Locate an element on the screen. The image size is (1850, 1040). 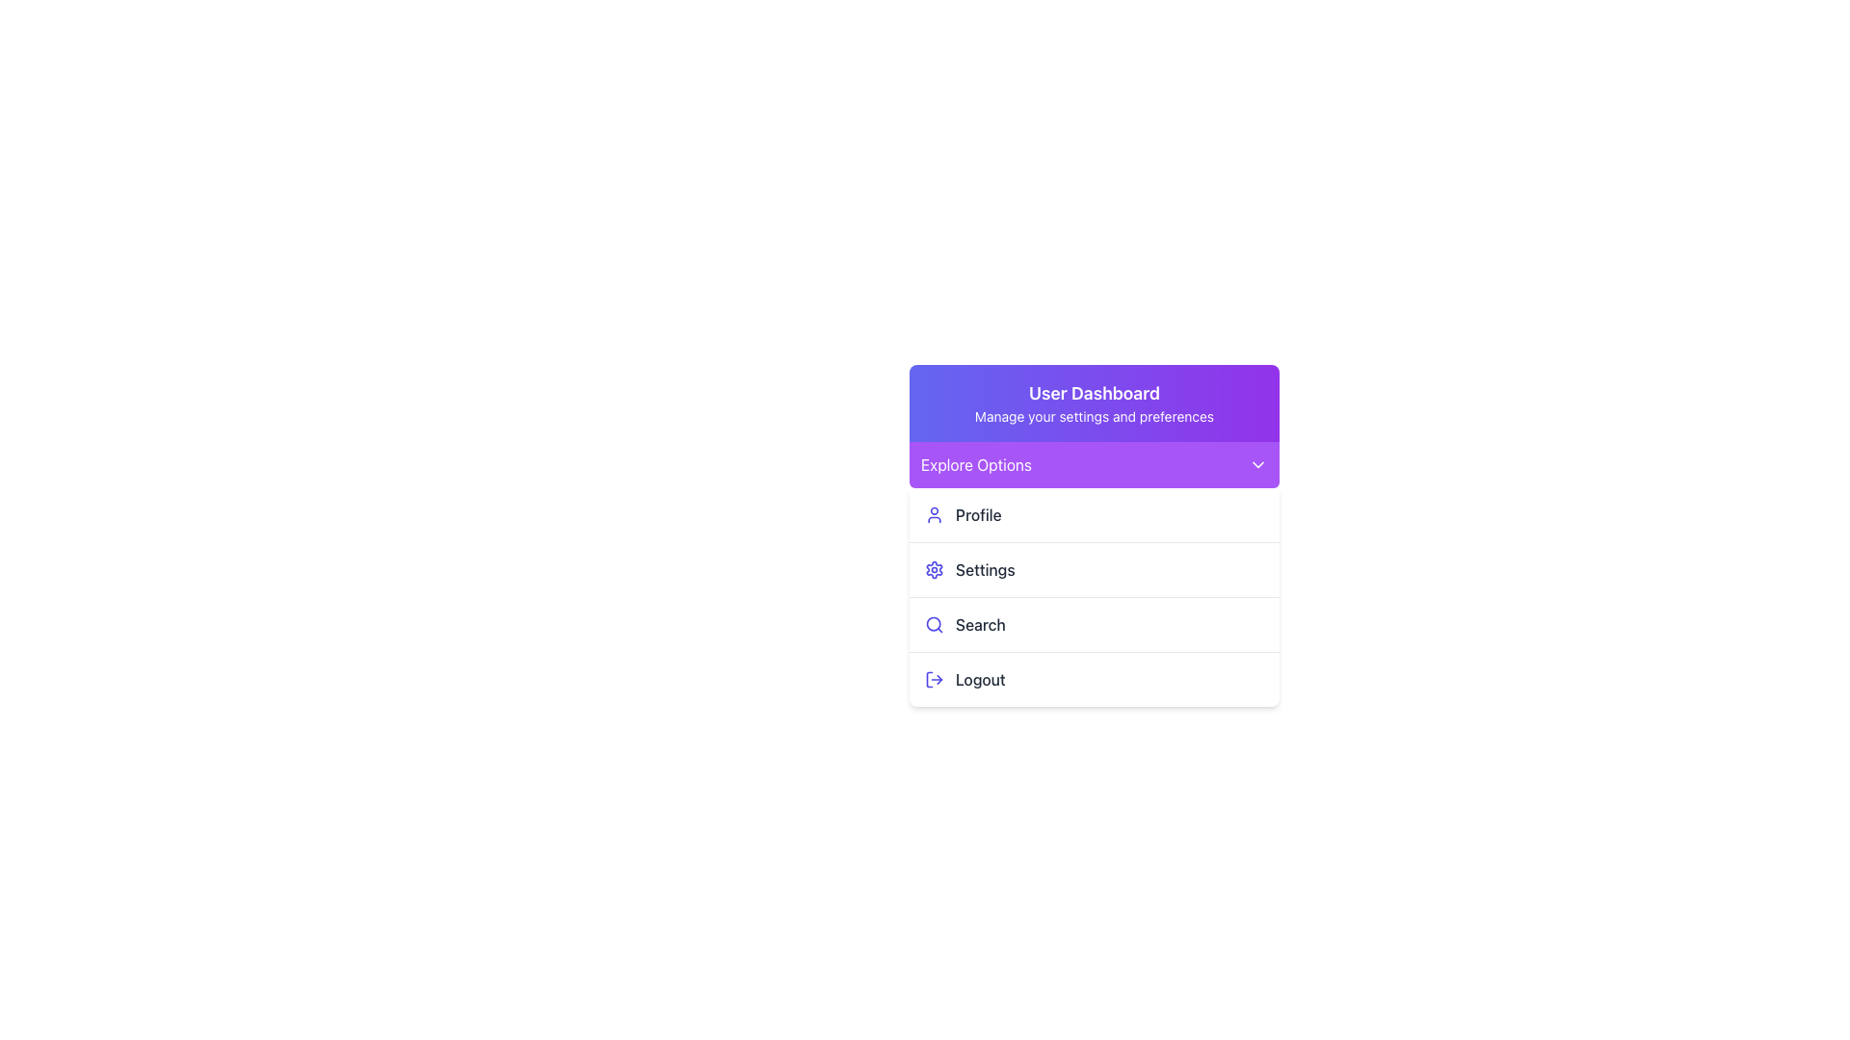
the chevron icon on the right side of the 'Explore Options' button in the purple header section of the User Dashboard is located at coordinates (1257, 464).